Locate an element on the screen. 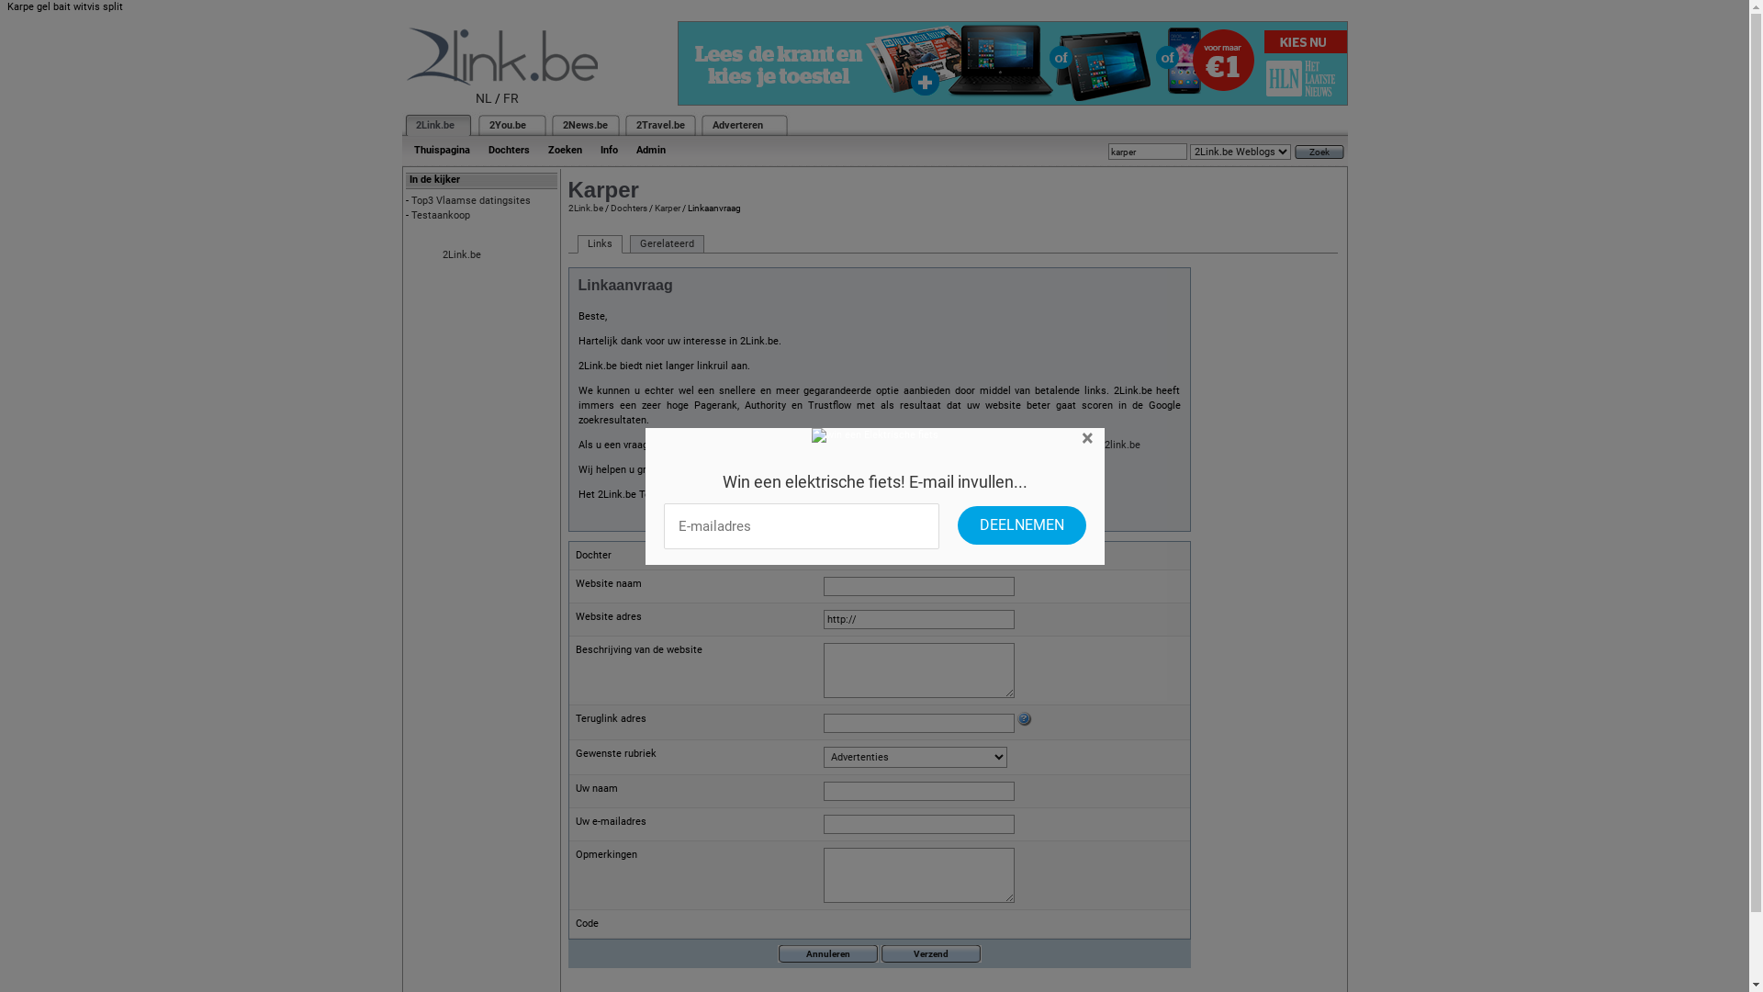 Image resolution: width=1763 pixels, height=992 pixels. 'Adverteren' is located at coordinates (737, 124).